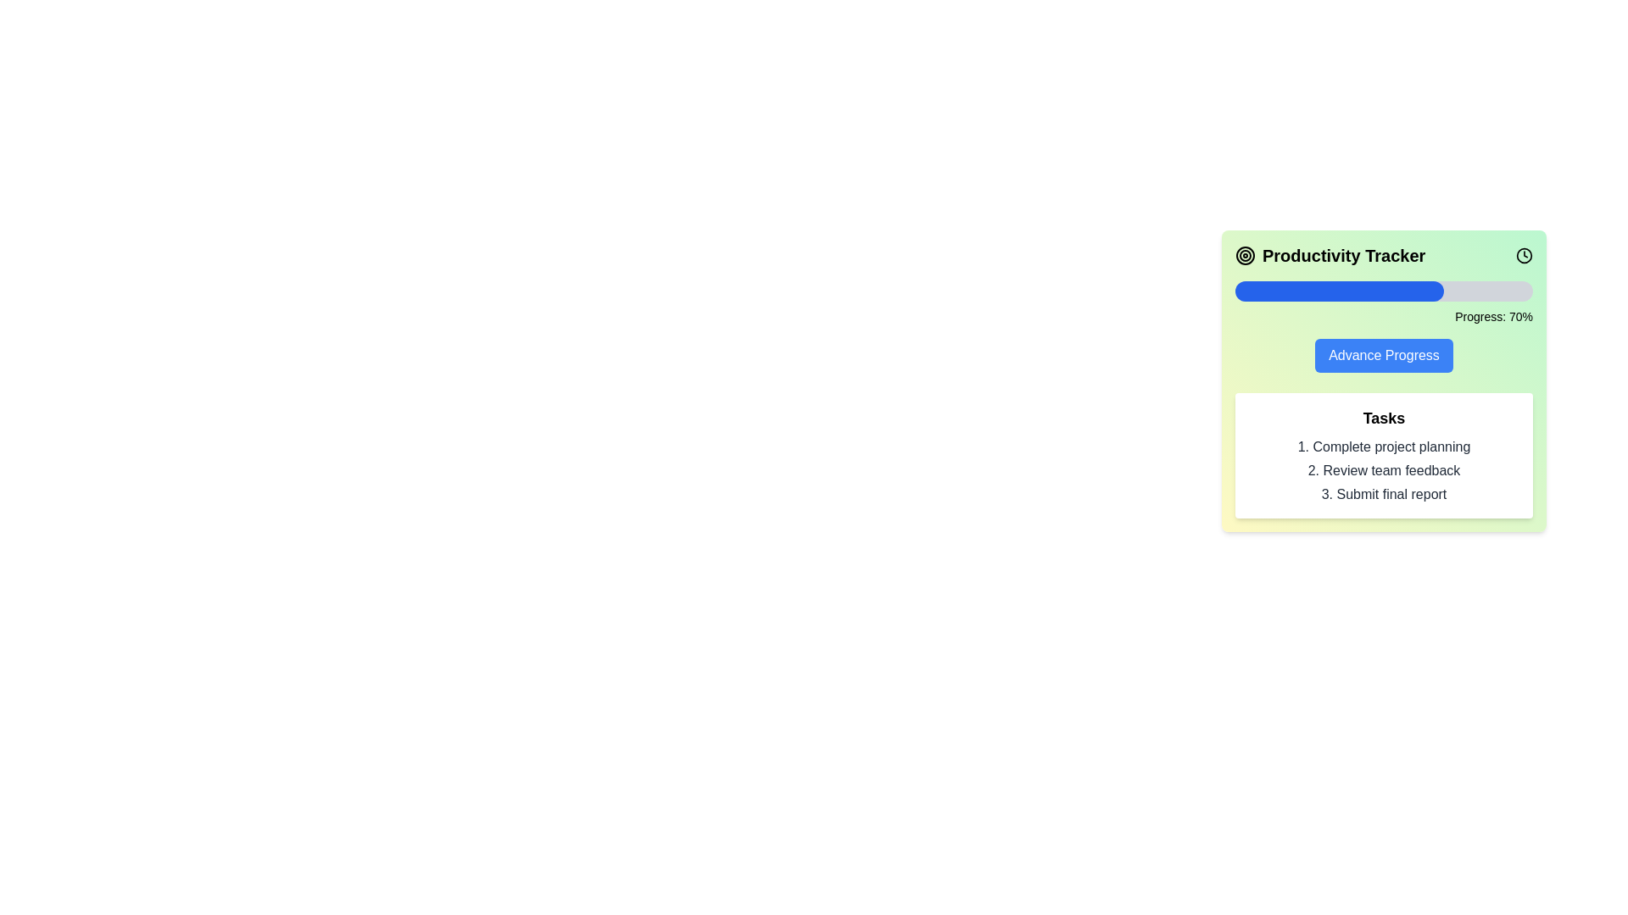  Describe the element at coordinates (1384, 446) in the screenshot. I see `the Text Label that displays information about the first task in the 'Tasks' section of the 'Productivity Tracker' card` at that location.